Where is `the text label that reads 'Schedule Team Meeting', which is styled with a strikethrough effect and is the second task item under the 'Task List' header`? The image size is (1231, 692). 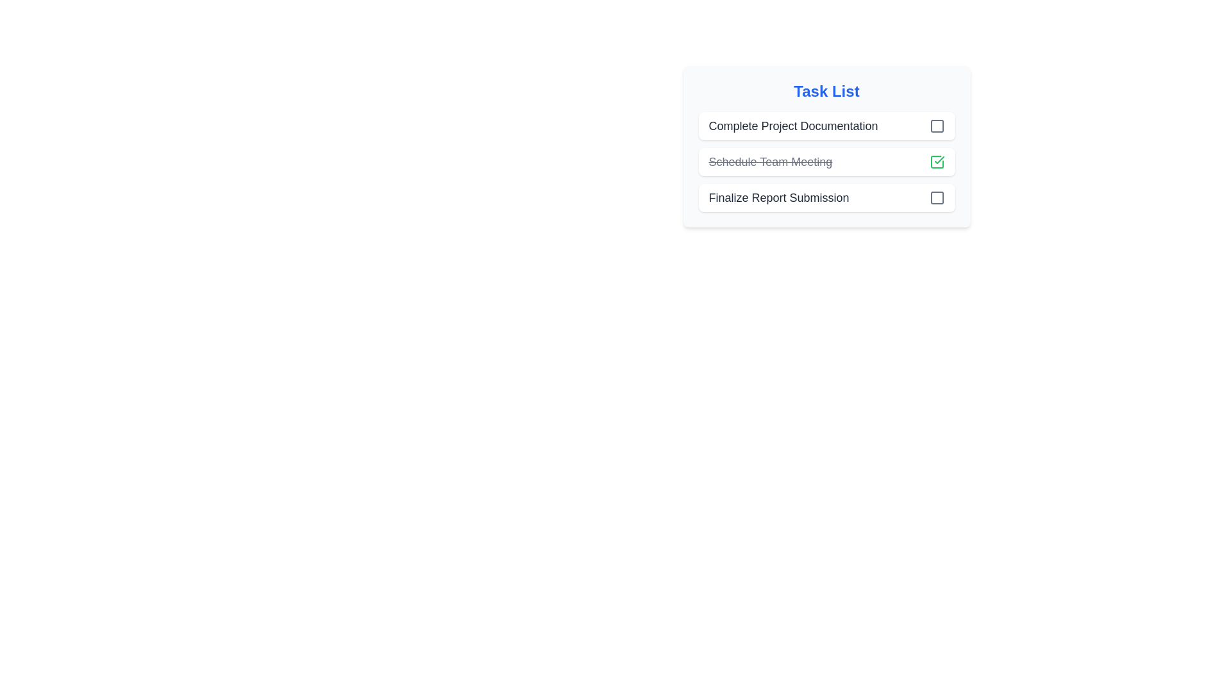
the text label that reads 'Schedule Team Meeting', which is styled with a strikethrough effect and is the second task item under the 'Task List' header is located at coordinates (769, 161).